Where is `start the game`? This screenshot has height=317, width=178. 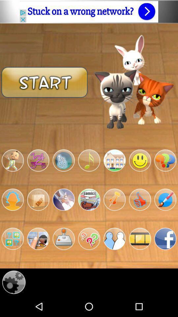 start the game is located at coordinates (44, 82).